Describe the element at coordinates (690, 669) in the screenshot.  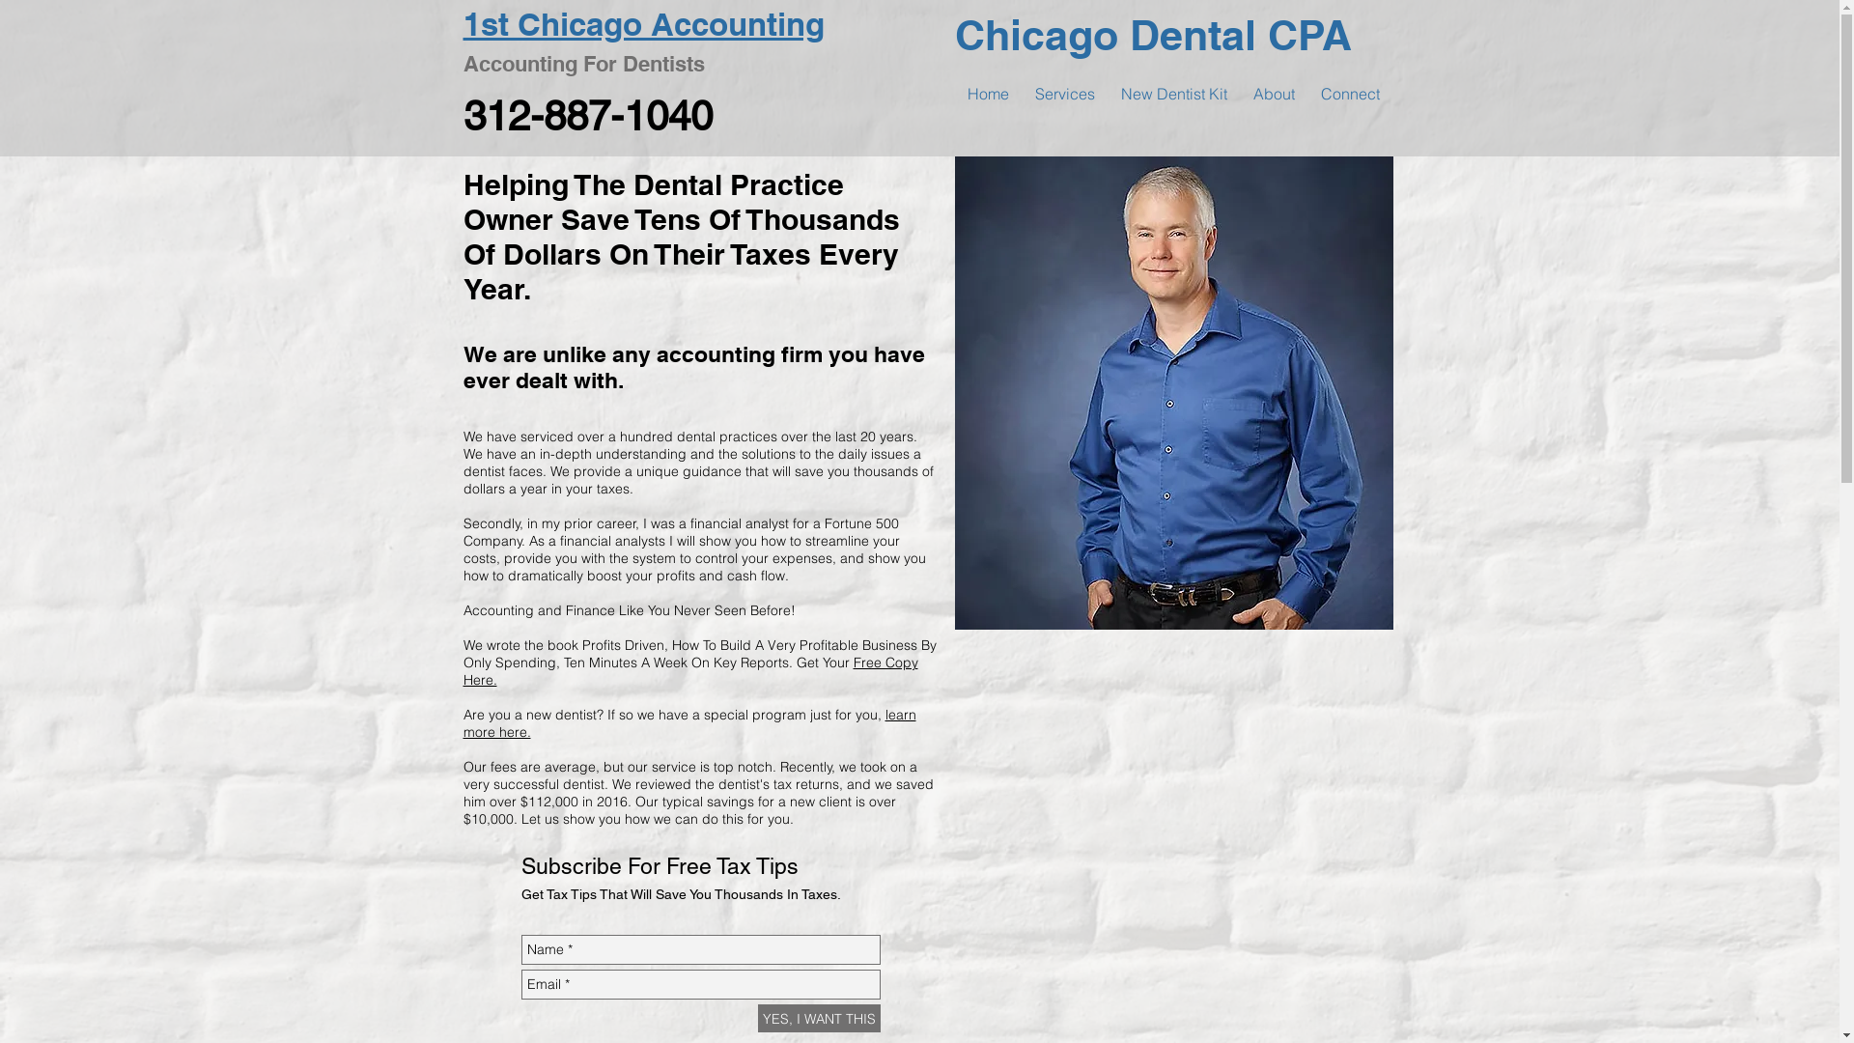
I see `'Free Copy Here.'` at that location.